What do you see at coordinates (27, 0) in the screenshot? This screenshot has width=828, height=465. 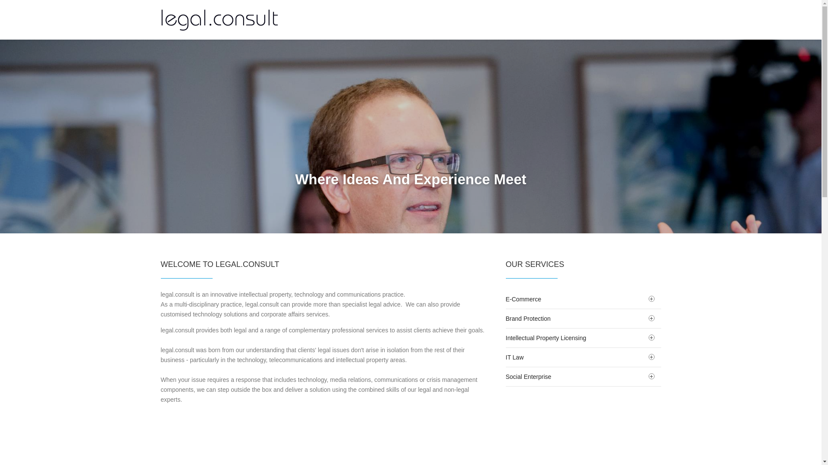 I see `'Skip to main content'` at bounding box center [27, 0].